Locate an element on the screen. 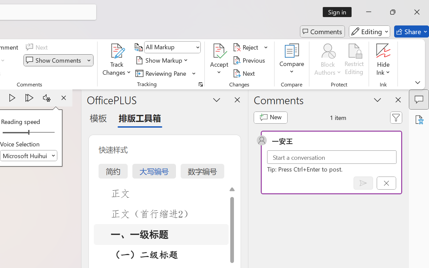 The width and height of the screenshot is (429, 268). 'Block Authors' is located at coordinates (327, 51).